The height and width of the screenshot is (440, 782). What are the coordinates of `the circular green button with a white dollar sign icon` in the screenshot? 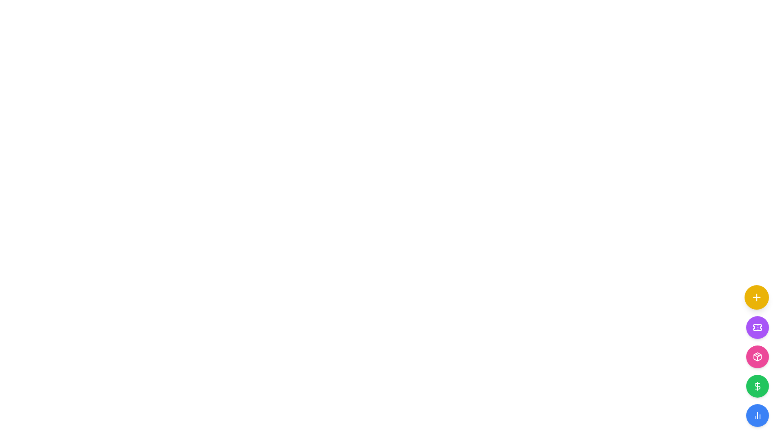 It's located at (757, 386).